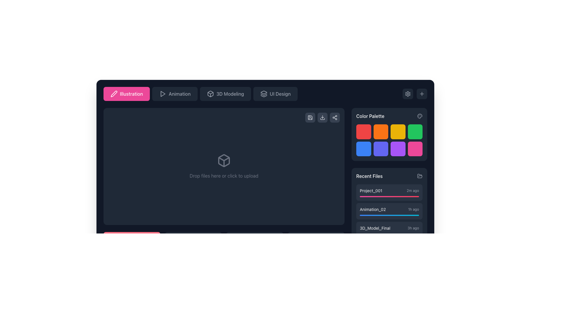 Image resolution: width=563 pixels, height=316 pixels. I want to click on the seventh square with a purple background in the 'Color Palette' section, so click(398, 148).